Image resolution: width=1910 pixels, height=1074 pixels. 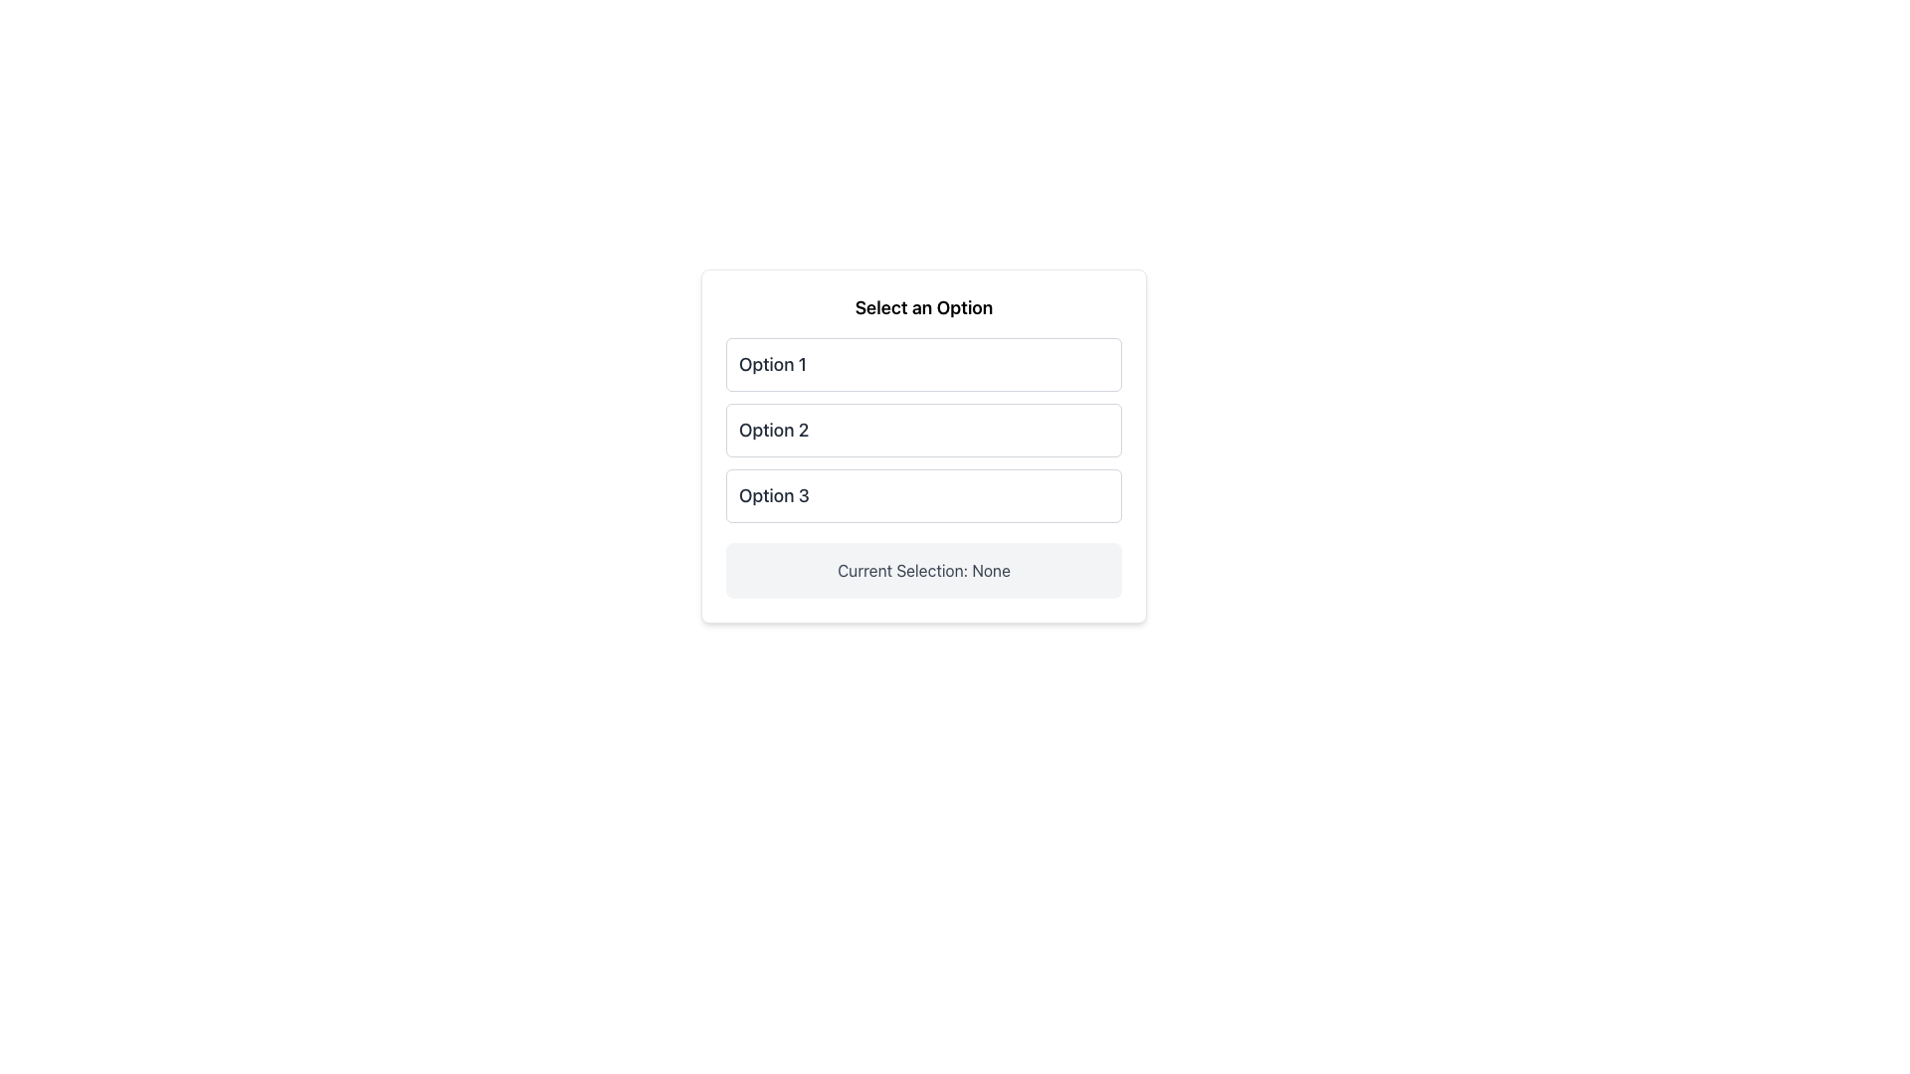 I want to click on the static text element that indicates the current selection state, which conveys that no option has been selected yet, so click(x=923, y=571).